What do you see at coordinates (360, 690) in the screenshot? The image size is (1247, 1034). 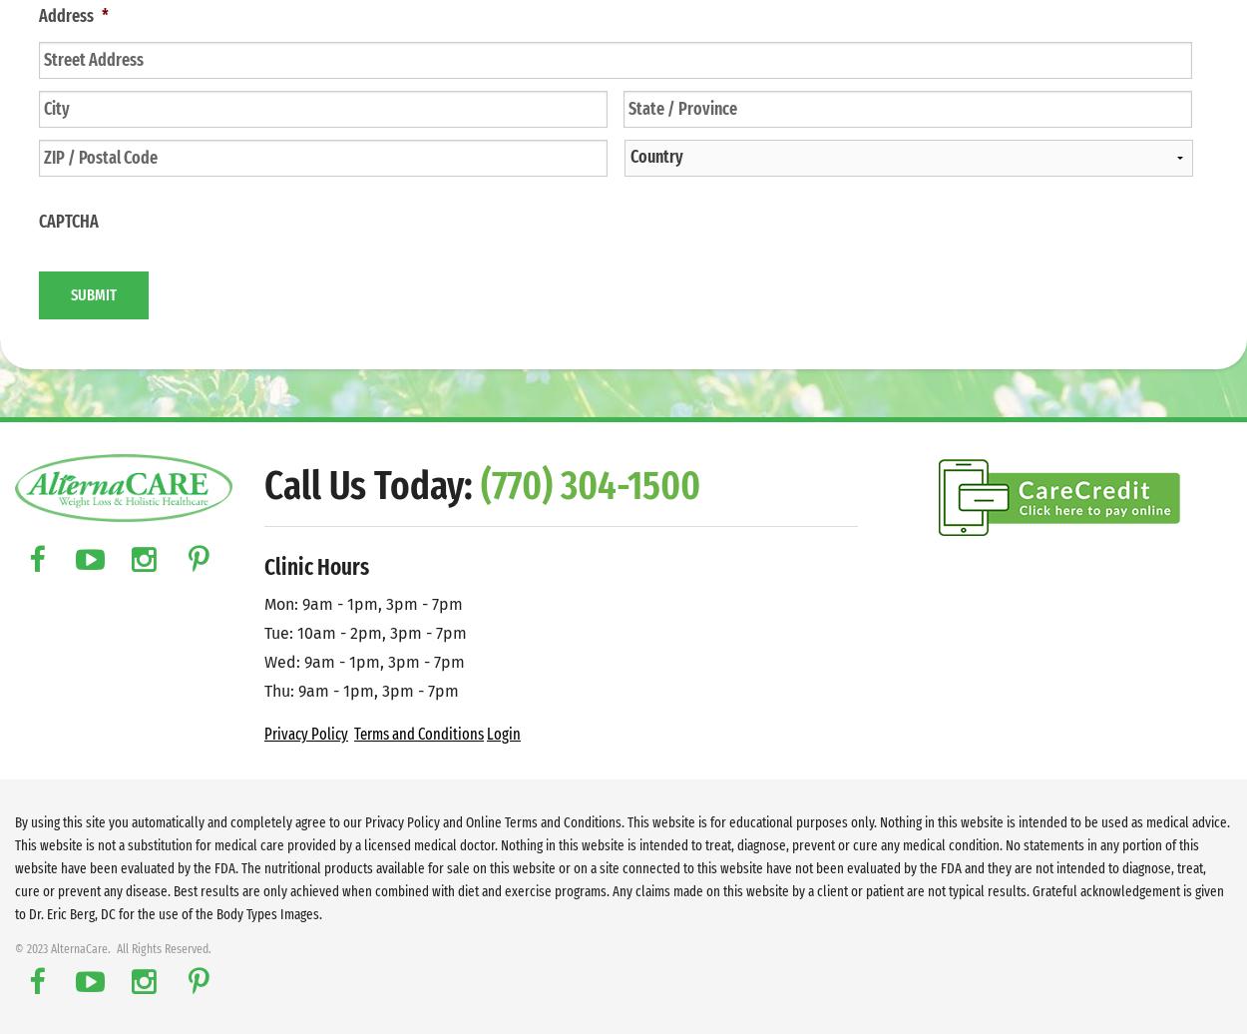 I see `'Thu: 9am - 1pm, 3pm - 7pm'` at bounding box center [360, 690].